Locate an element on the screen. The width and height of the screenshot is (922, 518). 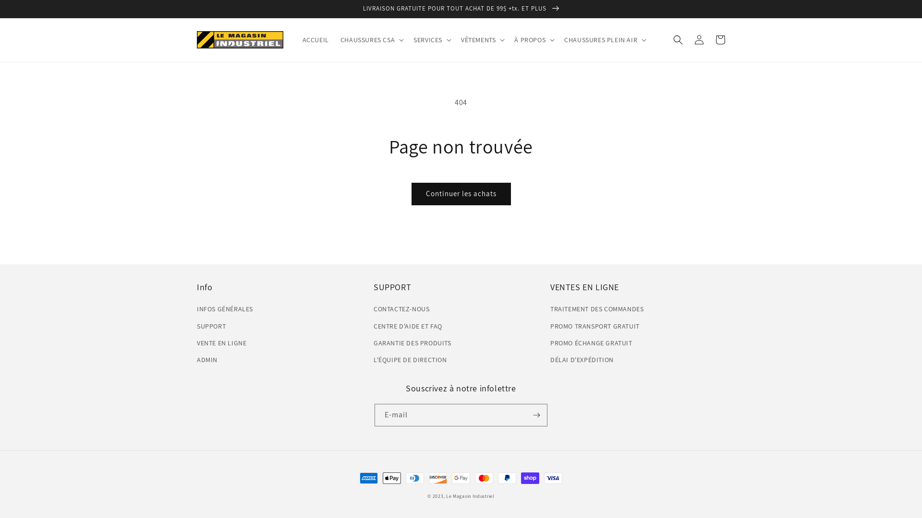
'SUPPORT' is located at coordinates (211, 326).